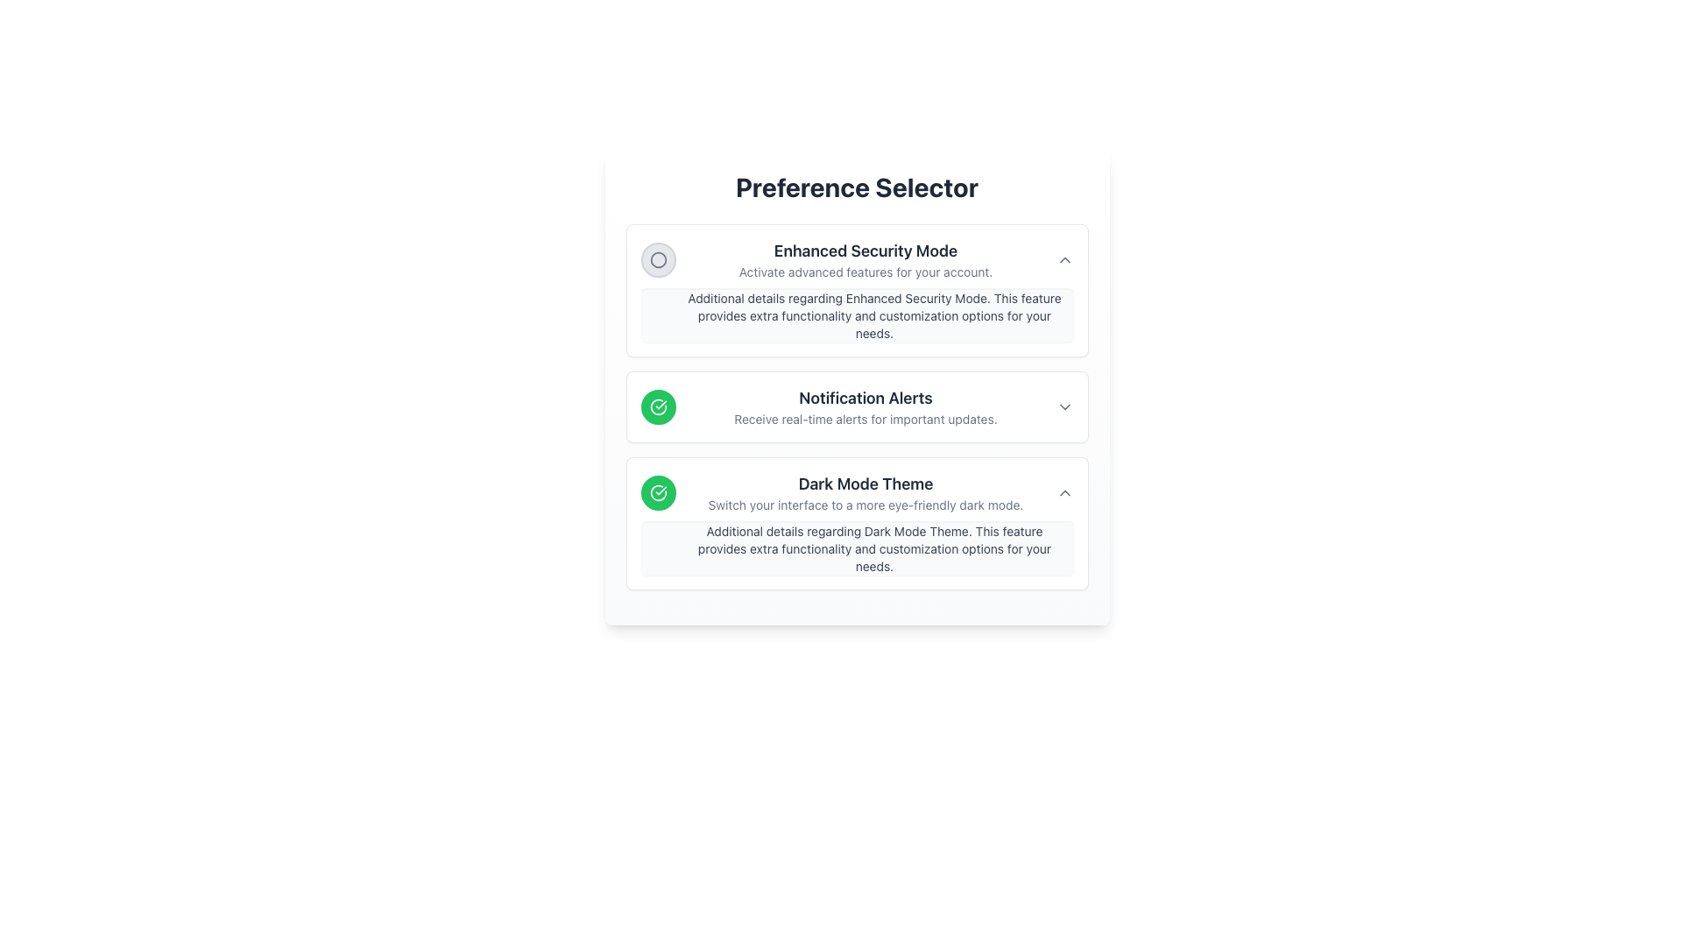 This screenshot has width=1682, height=946. Describe the element at coordinates (1064, 260) in the screenshot. I see `the Icon button in the top-right corner of the 'Enhanced Security Mode' section` at that location.